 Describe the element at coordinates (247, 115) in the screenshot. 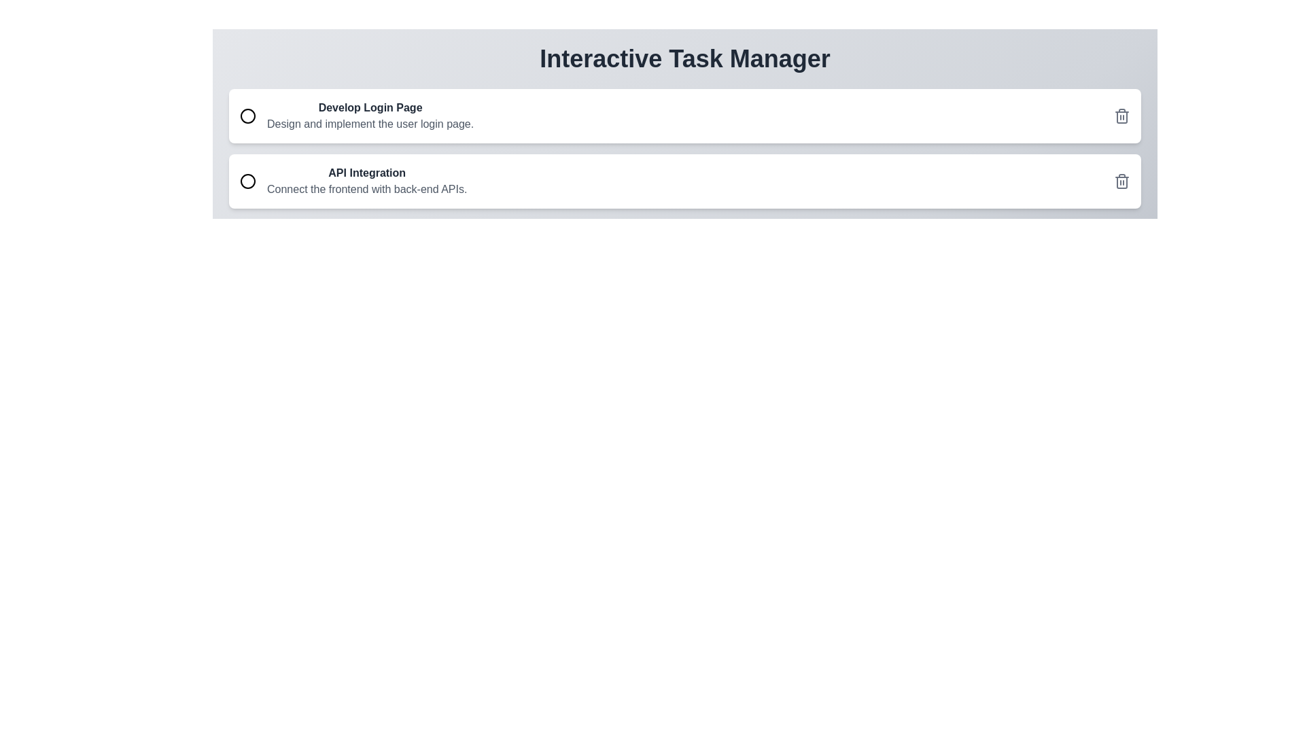

I see `the completion indicator of the task titled 'Develop Login Page' to toggle its completion state` at that location.